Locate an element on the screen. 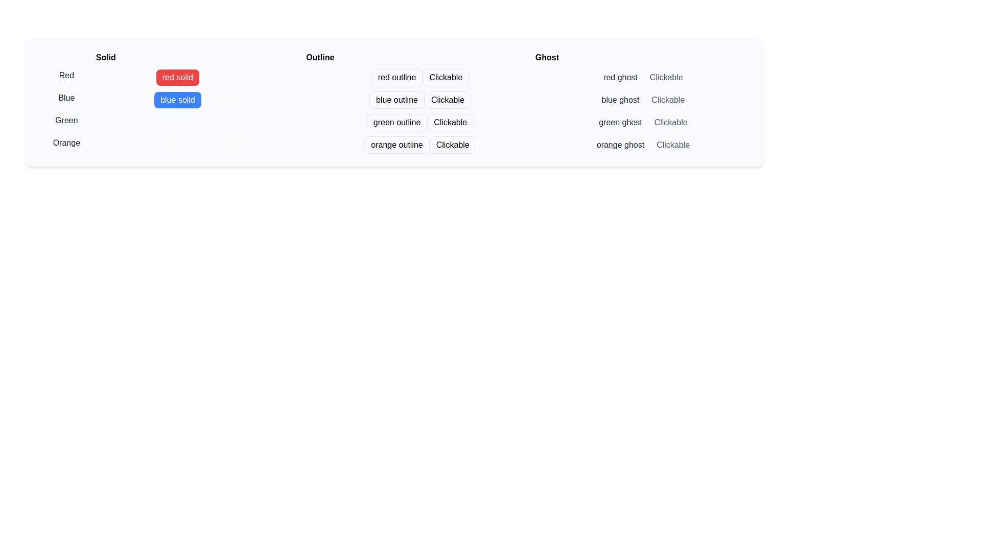 The width and height of the screenshot is (981, 552). text of the label indicating 'green ghost' located in the third row under the column 'Ghost' in the table, positioned between 'blue ghost Clickable' and 'orange ghost Clickable' is located at coordinates (642, 120).